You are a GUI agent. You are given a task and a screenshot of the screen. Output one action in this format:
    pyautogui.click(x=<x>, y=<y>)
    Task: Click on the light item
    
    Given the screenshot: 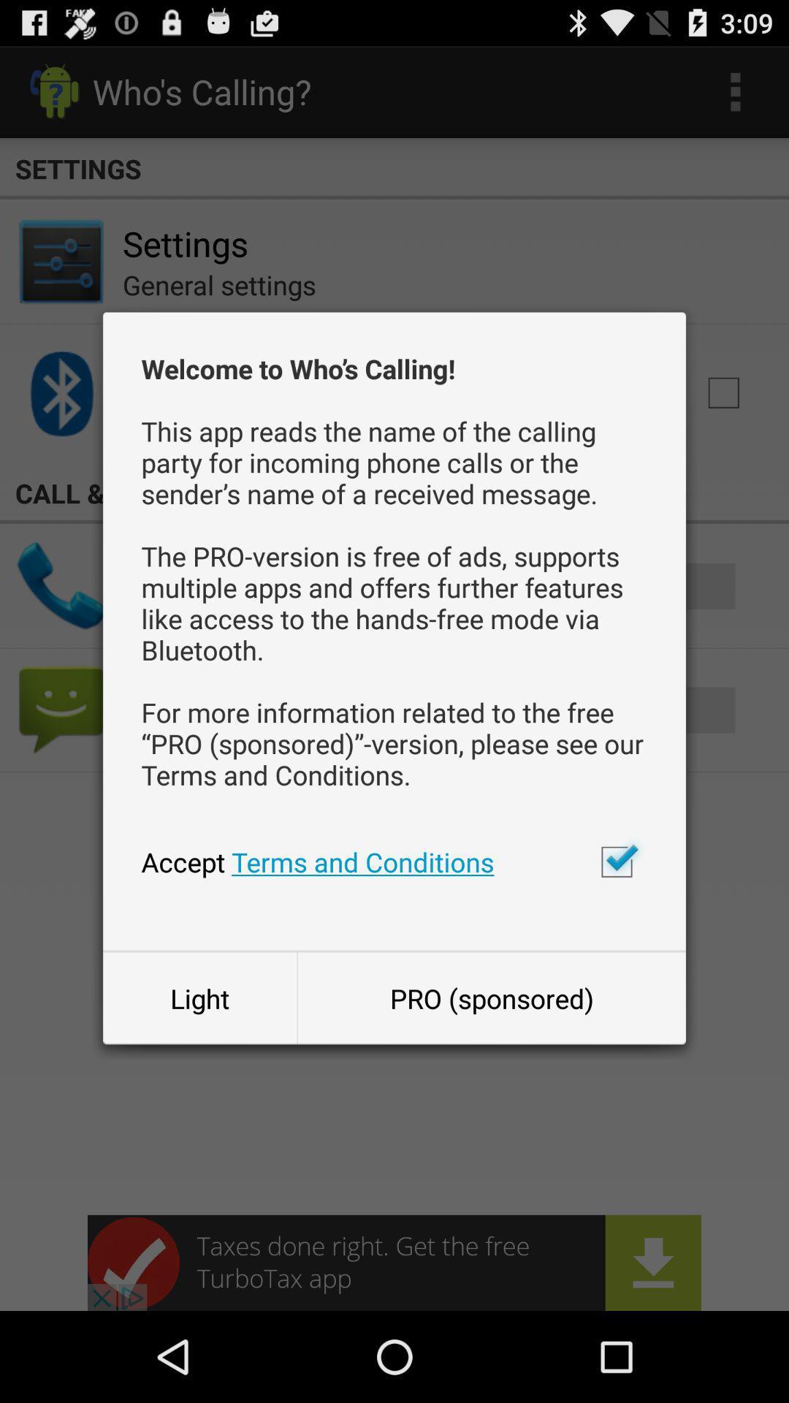 What is the action you would take?
    pyautogui.click(x=199, y=997)
    